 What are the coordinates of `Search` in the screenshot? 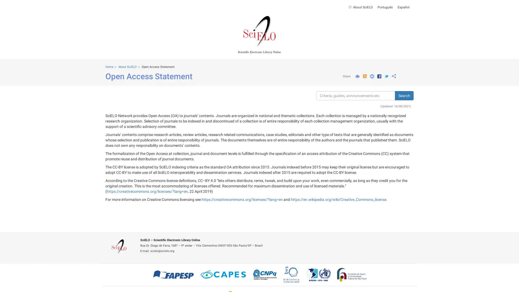 It's located at (404, 95).